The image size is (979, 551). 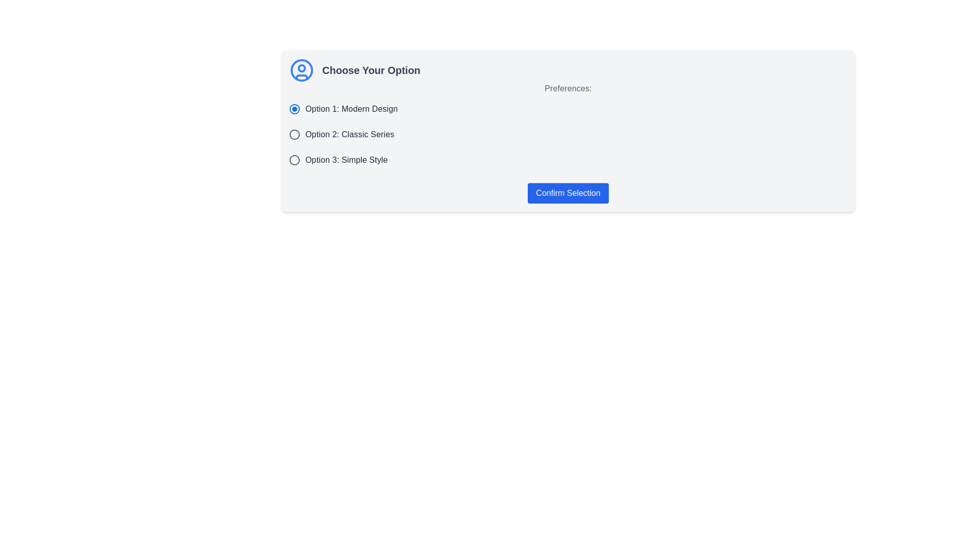 I want to click on the first radio button labeled 'Option 1: Modern Design', so click(x=294, y=109).